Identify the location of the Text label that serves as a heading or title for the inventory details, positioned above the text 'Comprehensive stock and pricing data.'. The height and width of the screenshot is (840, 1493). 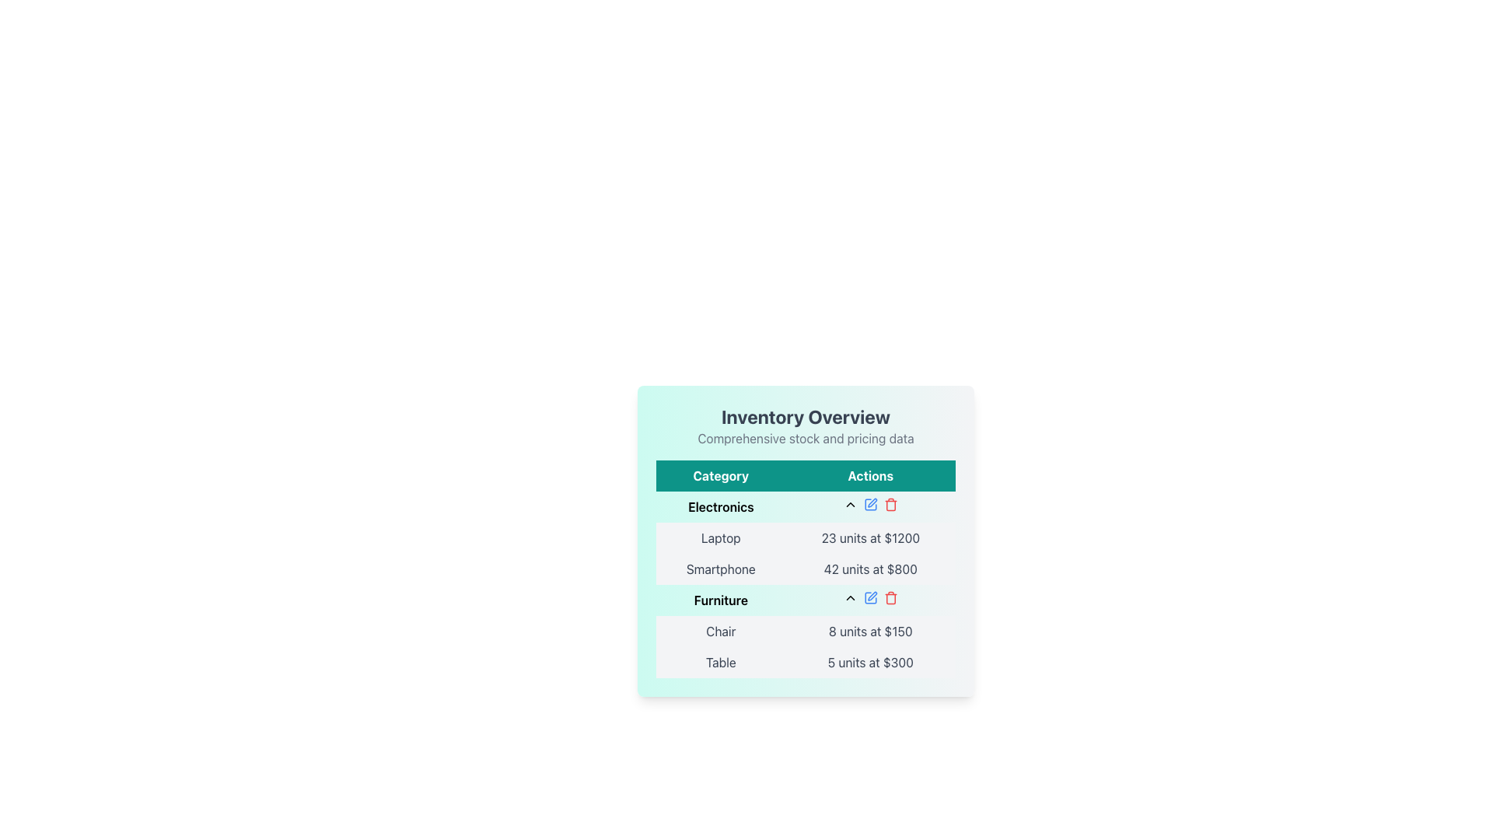
(806, 416).